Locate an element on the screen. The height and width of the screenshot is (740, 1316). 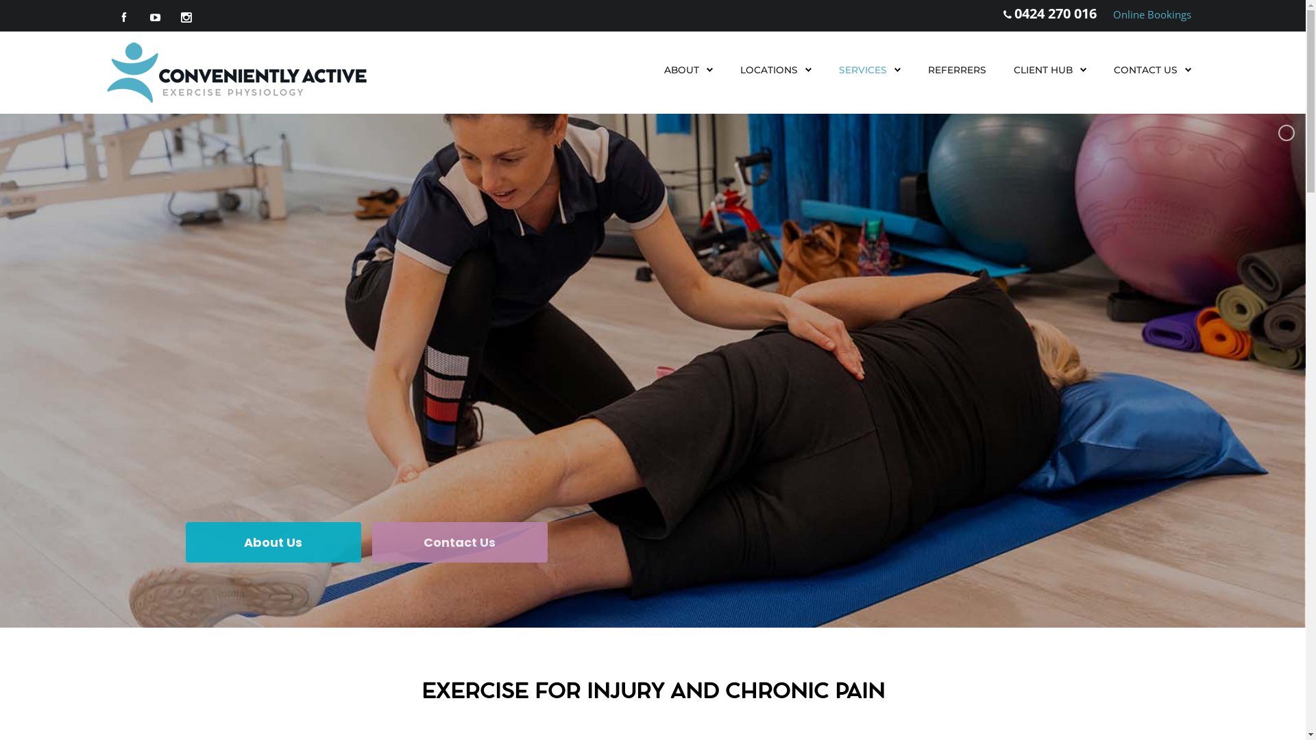
'SERVICES' is located at coordinates (838, 69).